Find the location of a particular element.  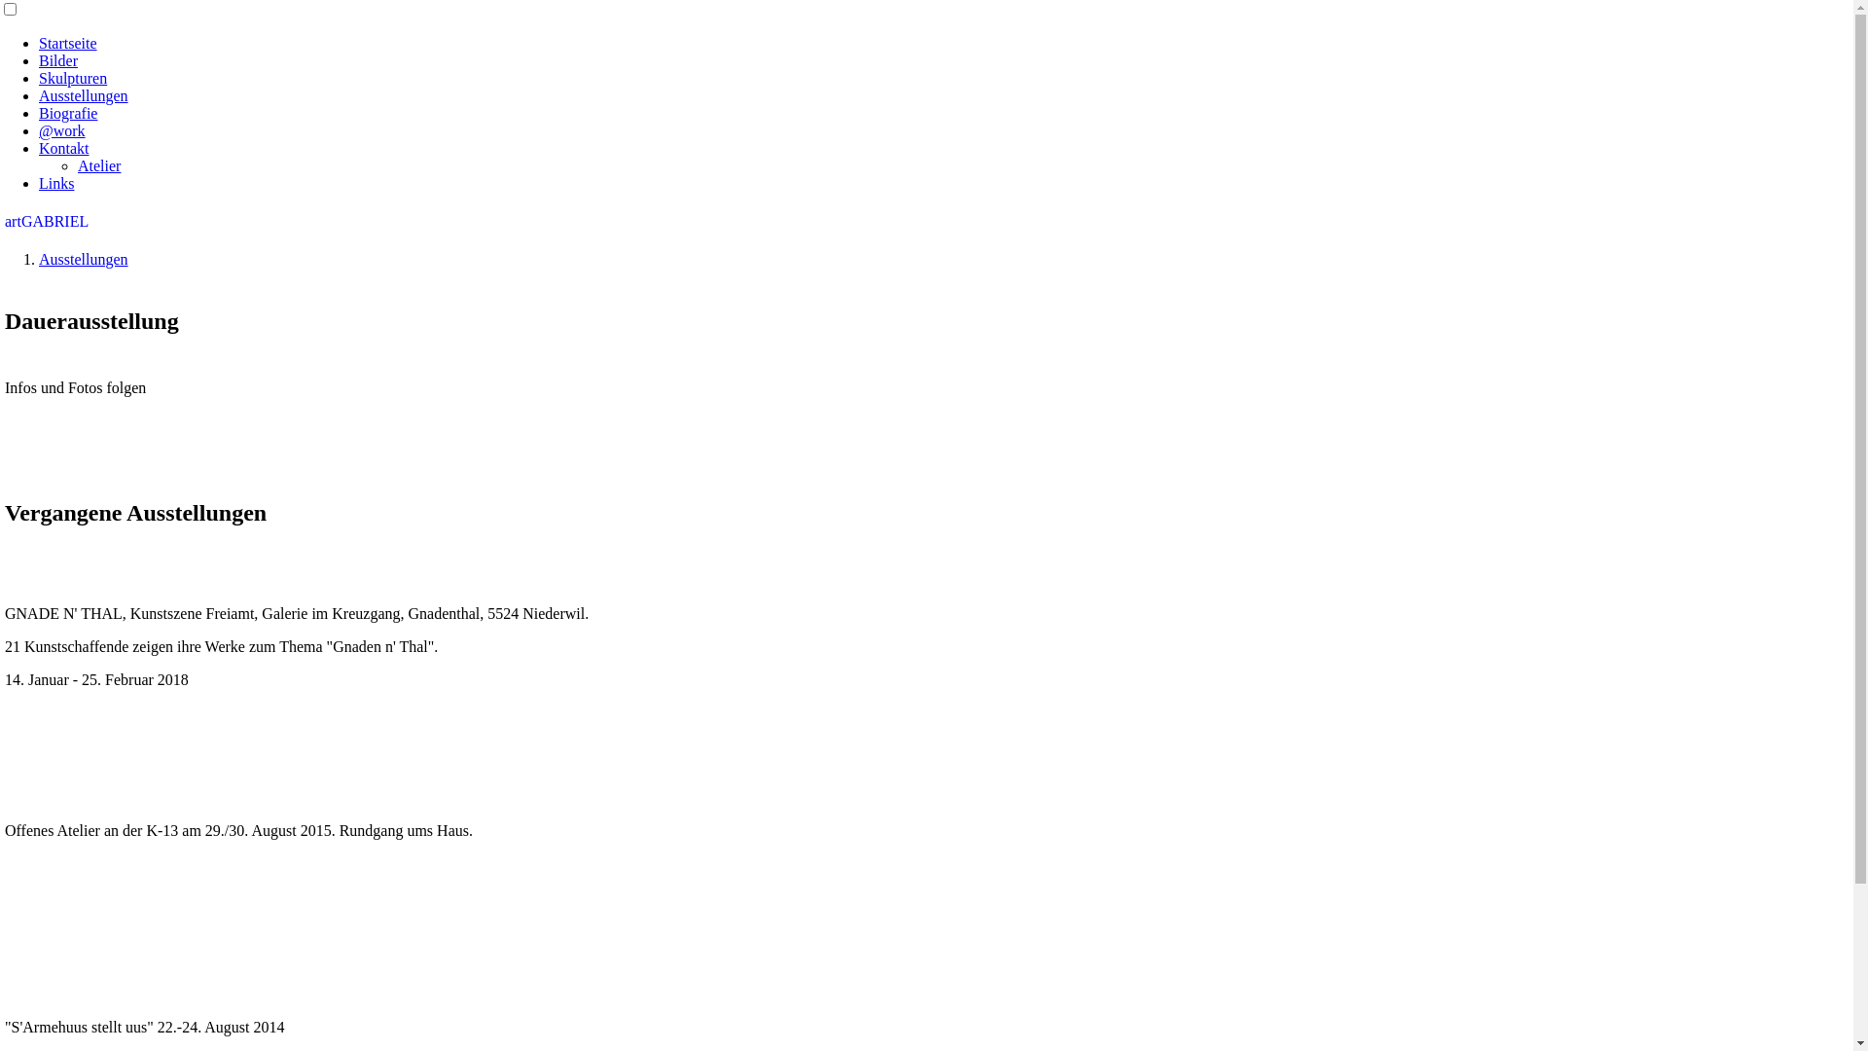

'@work' is located at coordinates (61, 130).